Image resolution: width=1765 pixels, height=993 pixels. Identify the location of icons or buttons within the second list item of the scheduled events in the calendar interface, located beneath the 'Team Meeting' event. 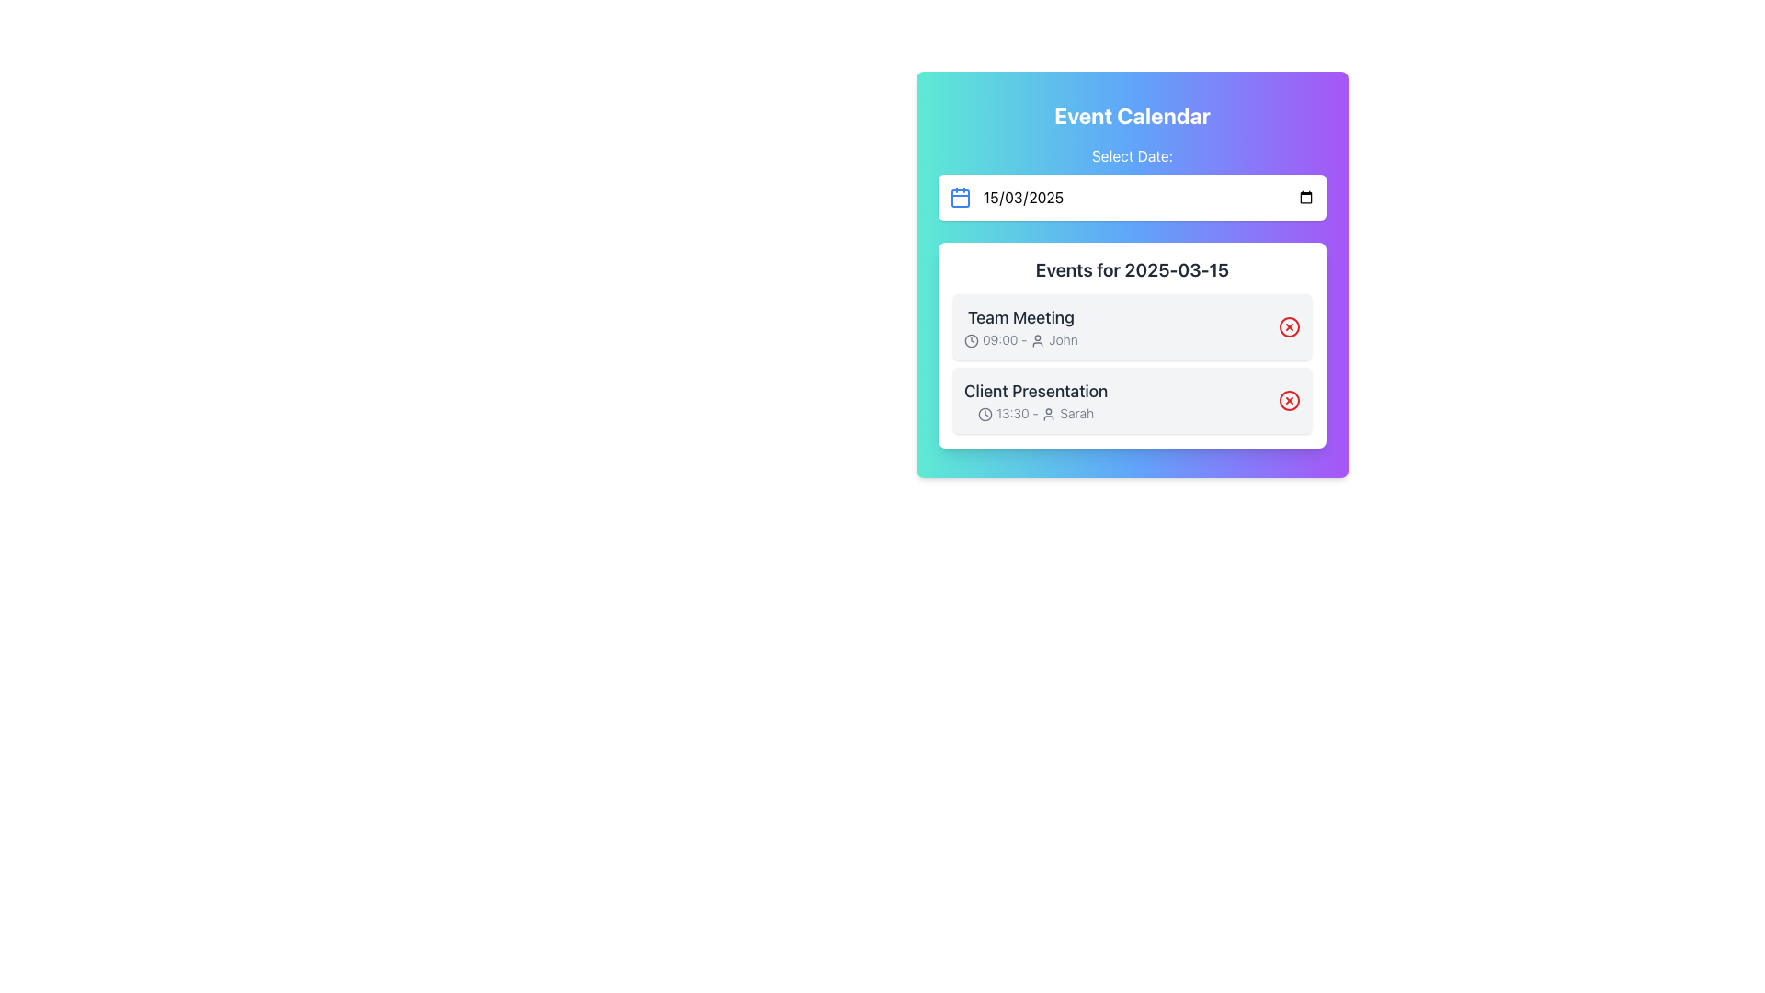
(1036, 399).